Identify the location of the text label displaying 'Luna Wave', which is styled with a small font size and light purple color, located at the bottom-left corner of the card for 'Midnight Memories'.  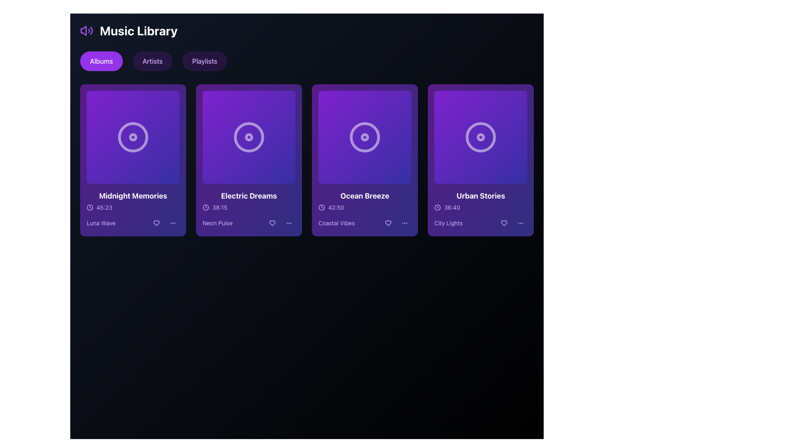
(101, 223).